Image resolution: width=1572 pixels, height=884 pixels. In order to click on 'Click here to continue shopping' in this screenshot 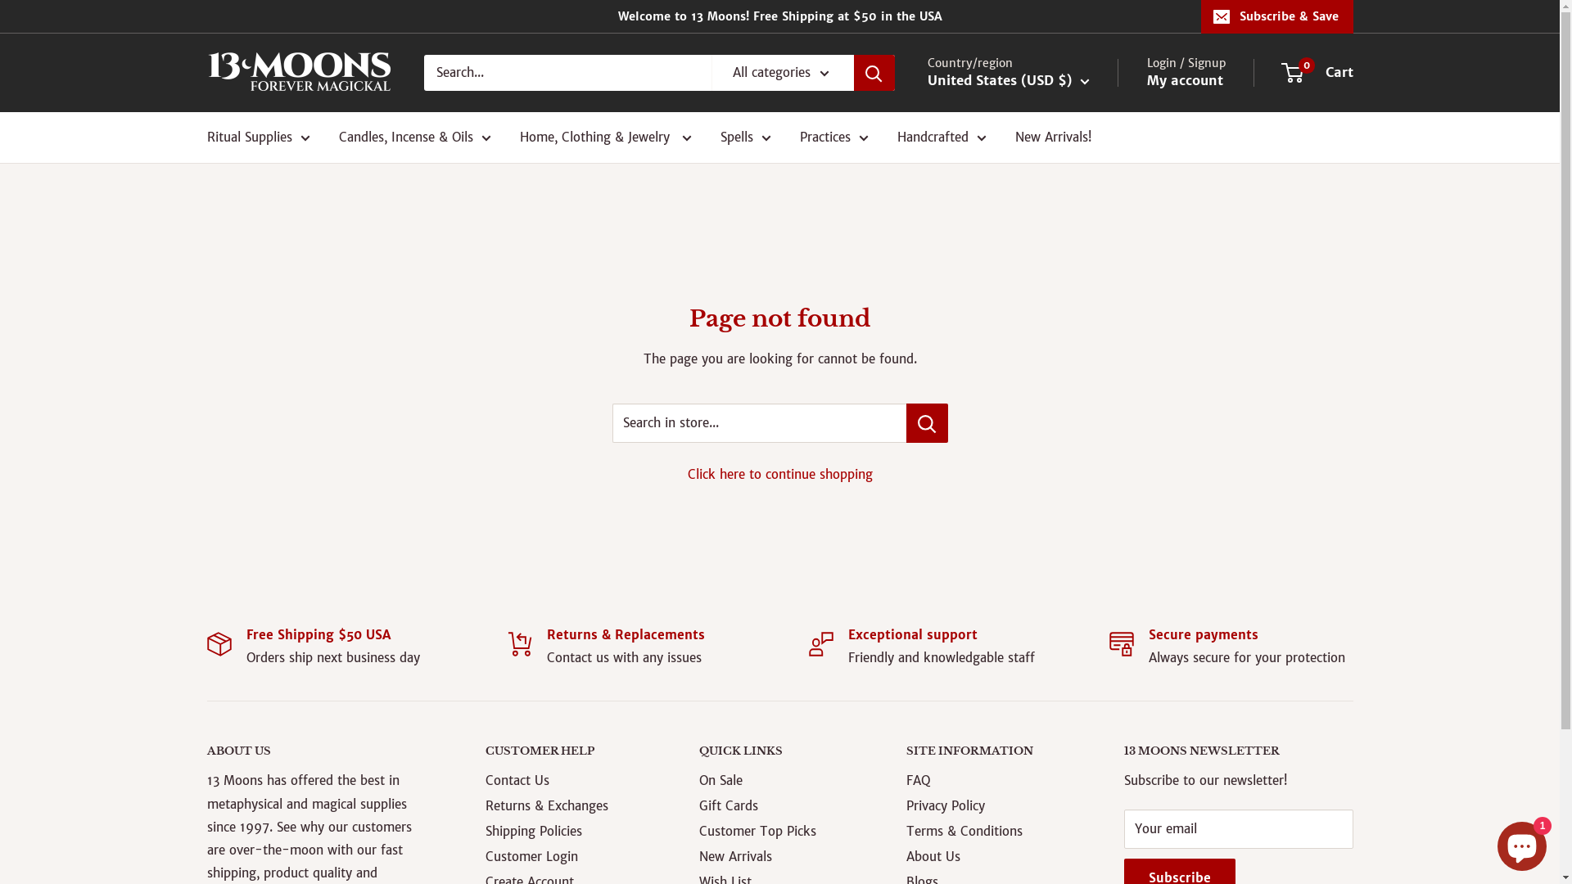, I will do `click(779, 474)`.